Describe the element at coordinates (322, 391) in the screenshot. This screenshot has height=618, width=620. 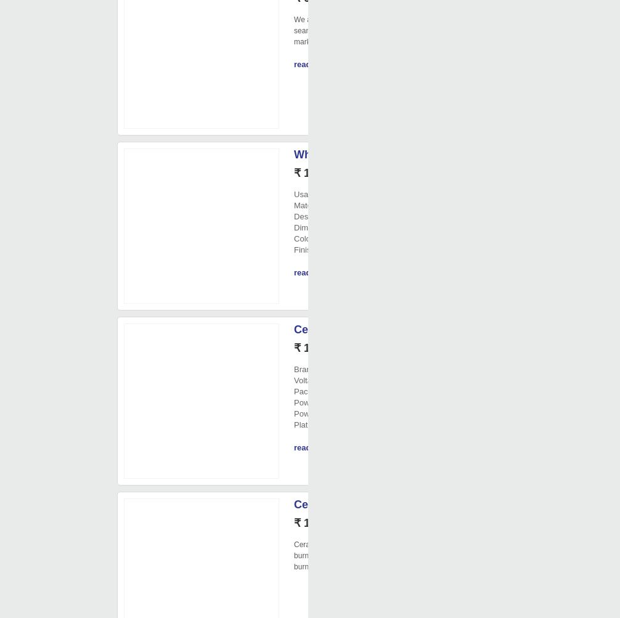
I see `'Packaging Type'` at that location.